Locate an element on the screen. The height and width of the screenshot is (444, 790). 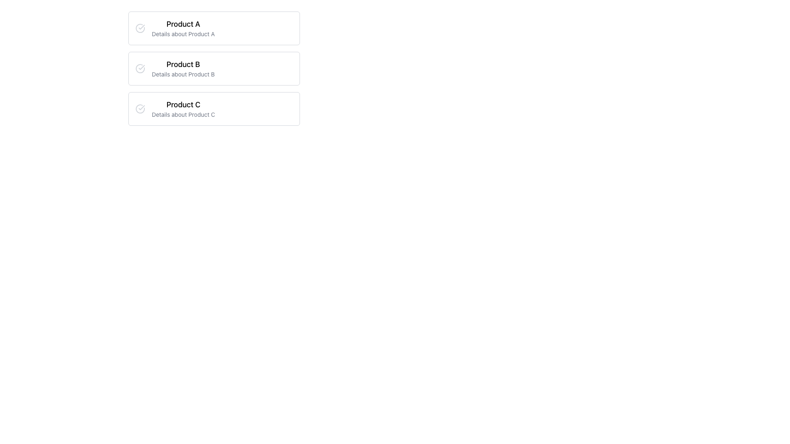
the status indicator icon is located at coordinates (140, 109).